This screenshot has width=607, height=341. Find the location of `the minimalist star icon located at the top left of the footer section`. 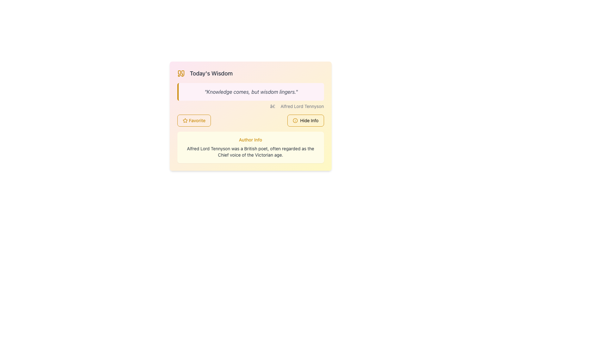

the minimalist star icon located at the top left of the footer section is located at coordinates (185, 120).